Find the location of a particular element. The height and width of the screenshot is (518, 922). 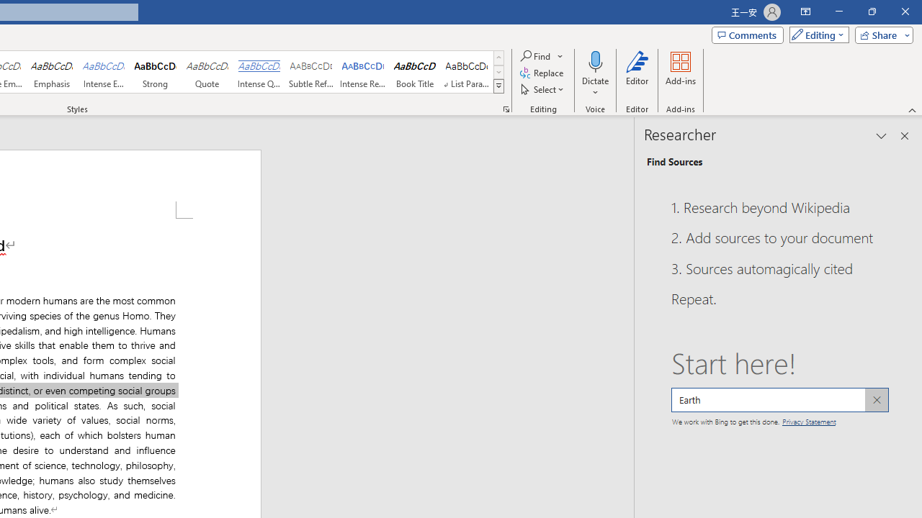

'Ribbon Display Options' is located at coordinates (805, 12).